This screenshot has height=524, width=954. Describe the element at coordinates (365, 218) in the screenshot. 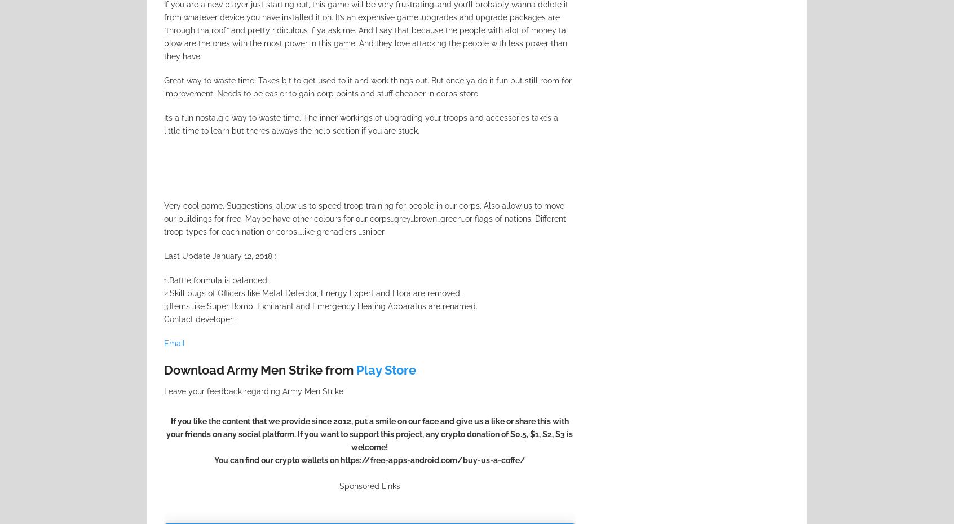

I see `'Very cool game. Suggestions, allow us to speed troop training for people in our corps. Also allow us to move our buildings for free. Maybe have other colours for our corps…grey…brown…green…or flags of nations. Different troop types for each nation or corps….like grenadiers …sniper'` at that location.